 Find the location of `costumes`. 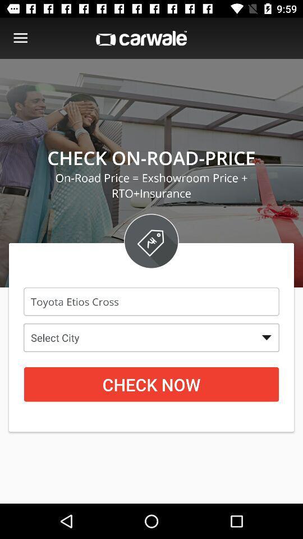

costumes is located at coordinates (20, 38).